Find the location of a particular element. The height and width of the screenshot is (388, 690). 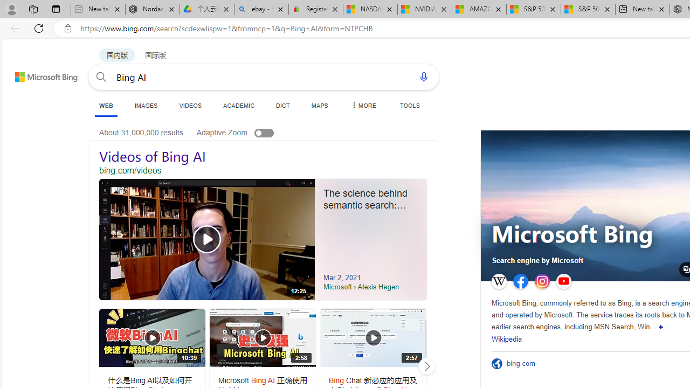

'Show more' is located at coordinates (660, 326).